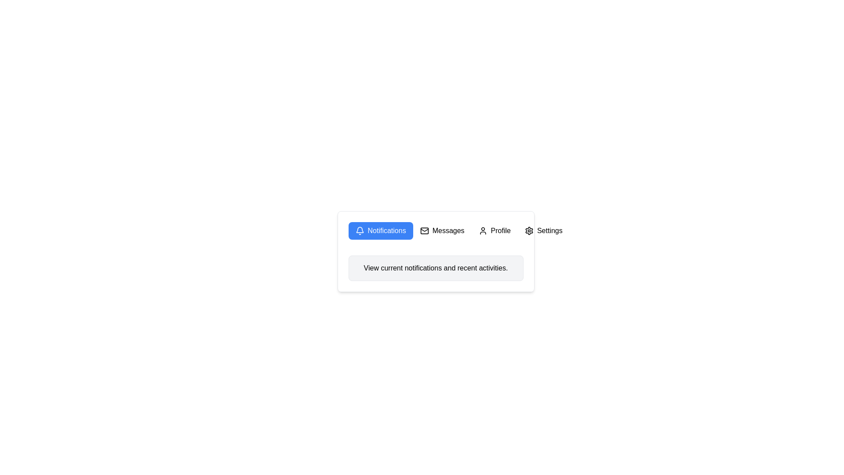  I want to click on the informational text block that displays notifications and recent activities, located centrally below the interactive buttons, so click(436, 267).